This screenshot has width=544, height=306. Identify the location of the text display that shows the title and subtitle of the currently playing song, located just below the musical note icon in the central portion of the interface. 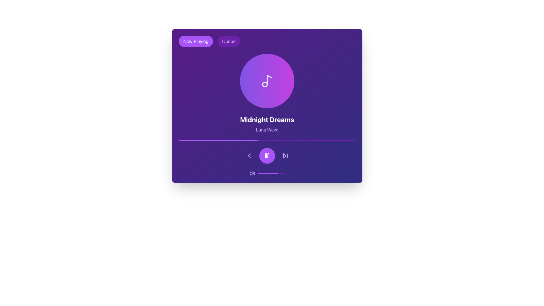
(267, 124).